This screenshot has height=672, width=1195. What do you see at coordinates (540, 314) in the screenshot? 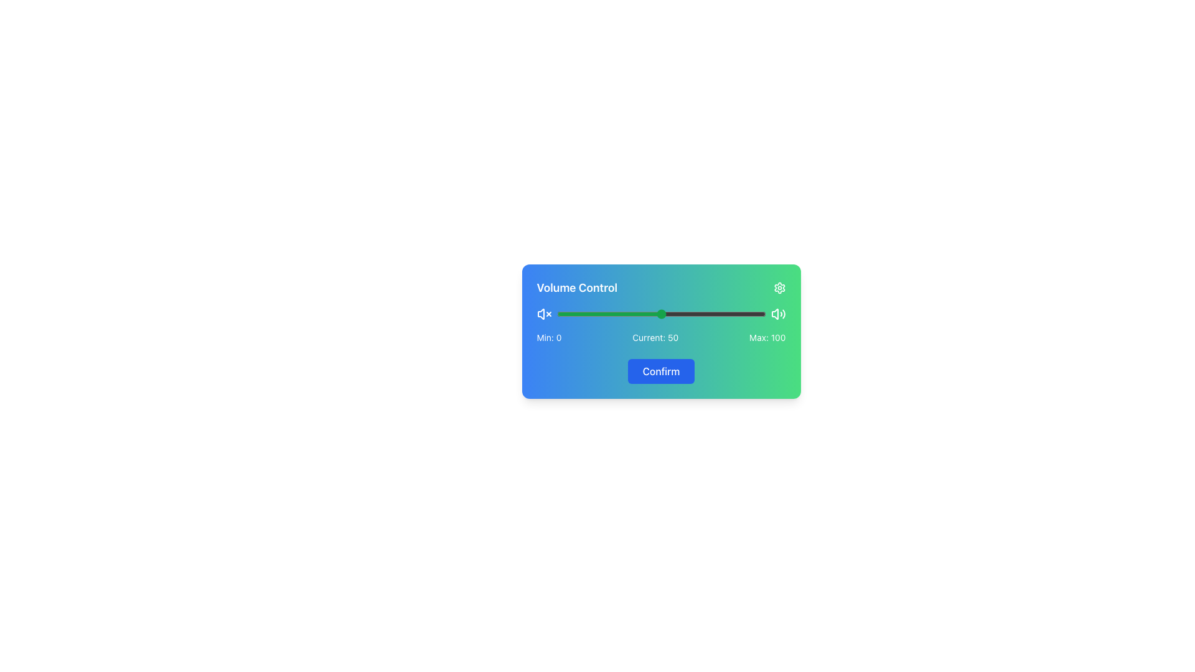
I see `the speaker icon that indicates the audio is currently muted` at bounding box center [540, 314].